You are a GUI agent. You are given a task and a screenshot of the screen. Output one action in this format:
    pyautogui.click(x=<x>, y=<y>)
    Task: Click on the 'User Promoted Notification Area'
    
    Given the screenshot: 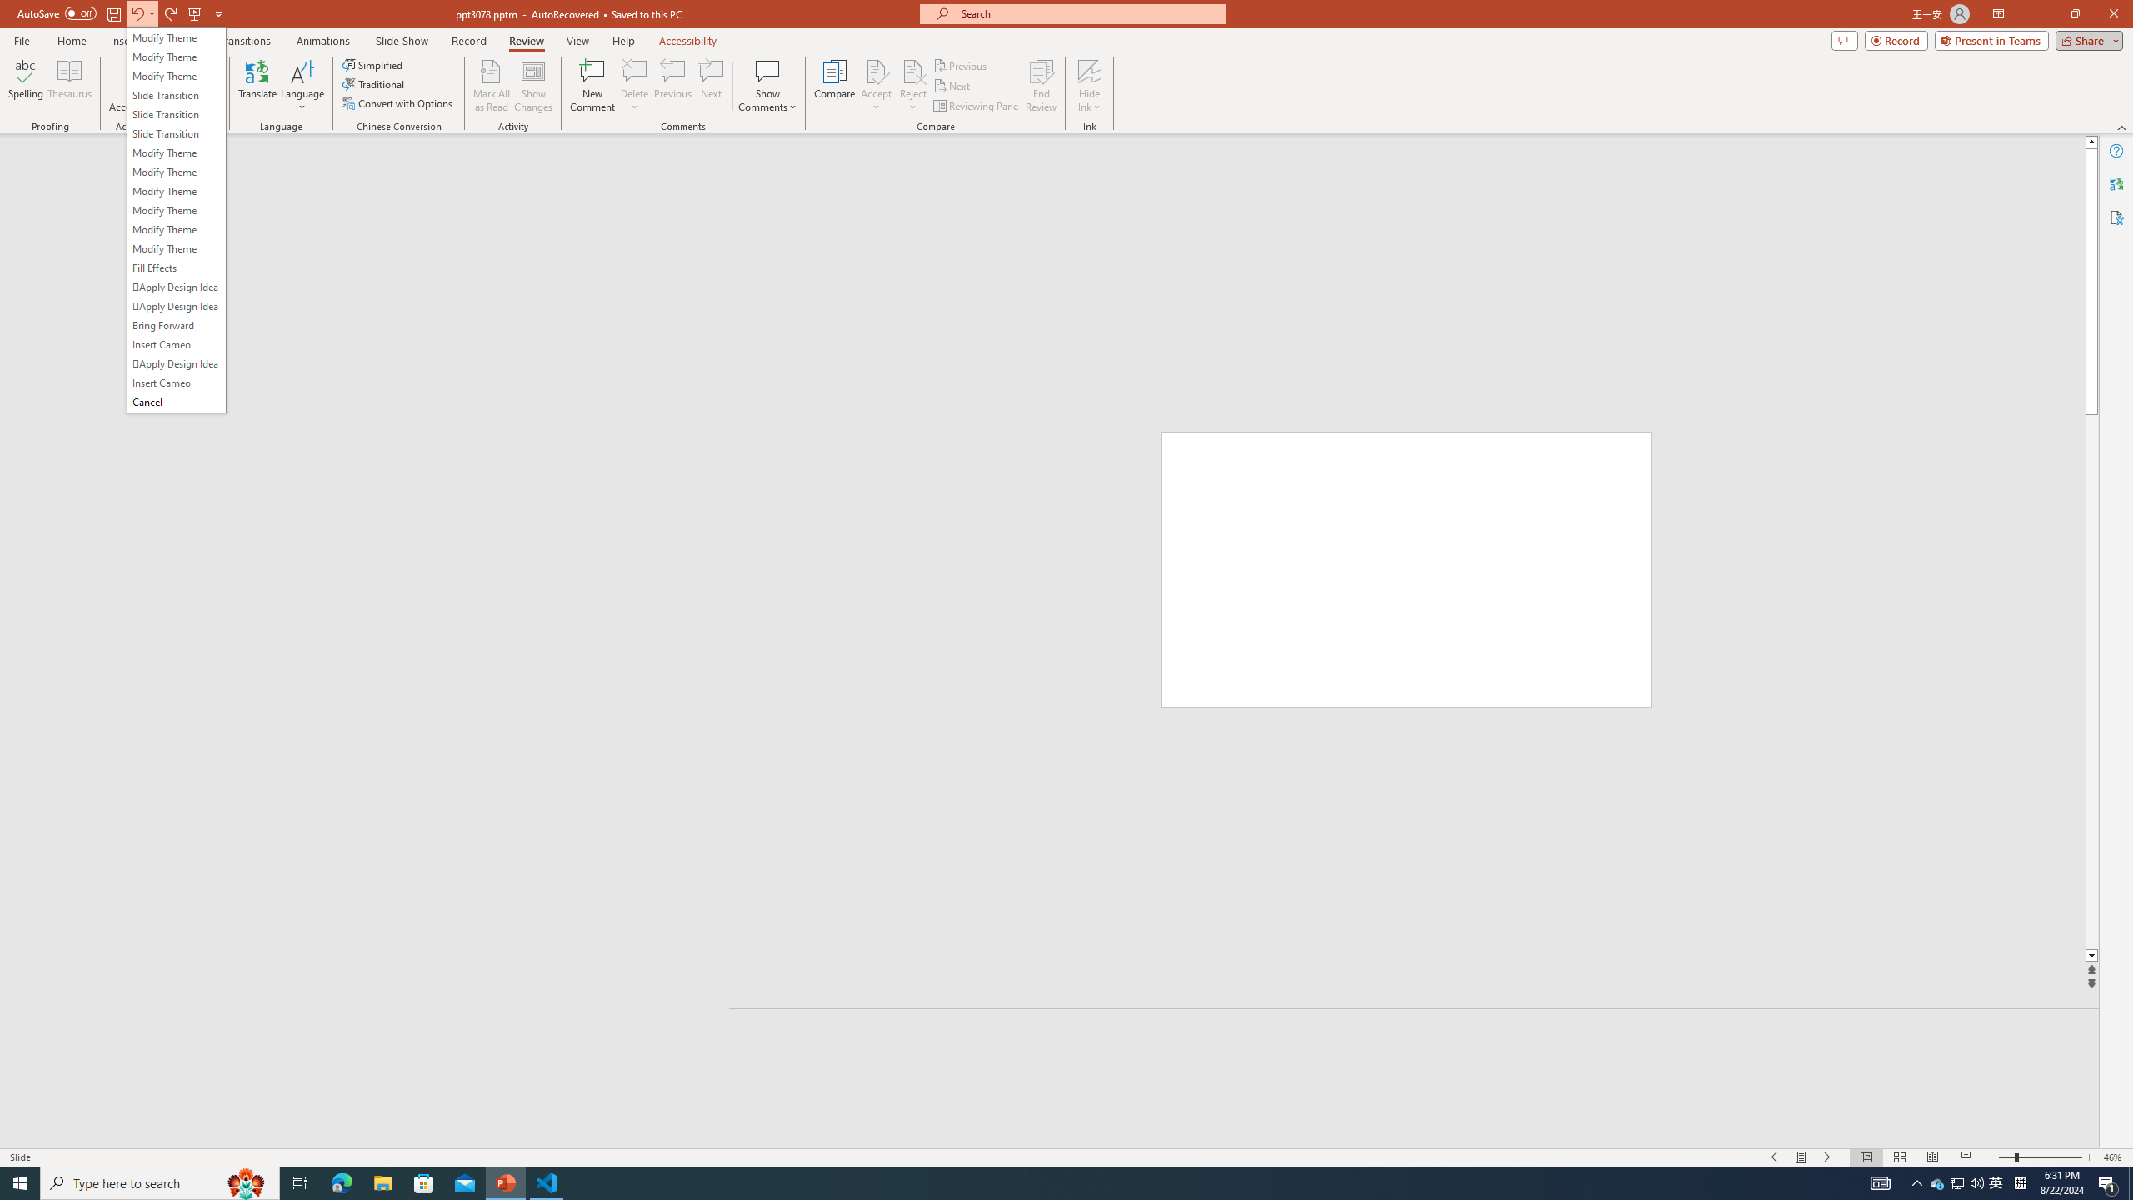 What is the action you would take?
    pyautogui.click(x=1957, y=1182)
    